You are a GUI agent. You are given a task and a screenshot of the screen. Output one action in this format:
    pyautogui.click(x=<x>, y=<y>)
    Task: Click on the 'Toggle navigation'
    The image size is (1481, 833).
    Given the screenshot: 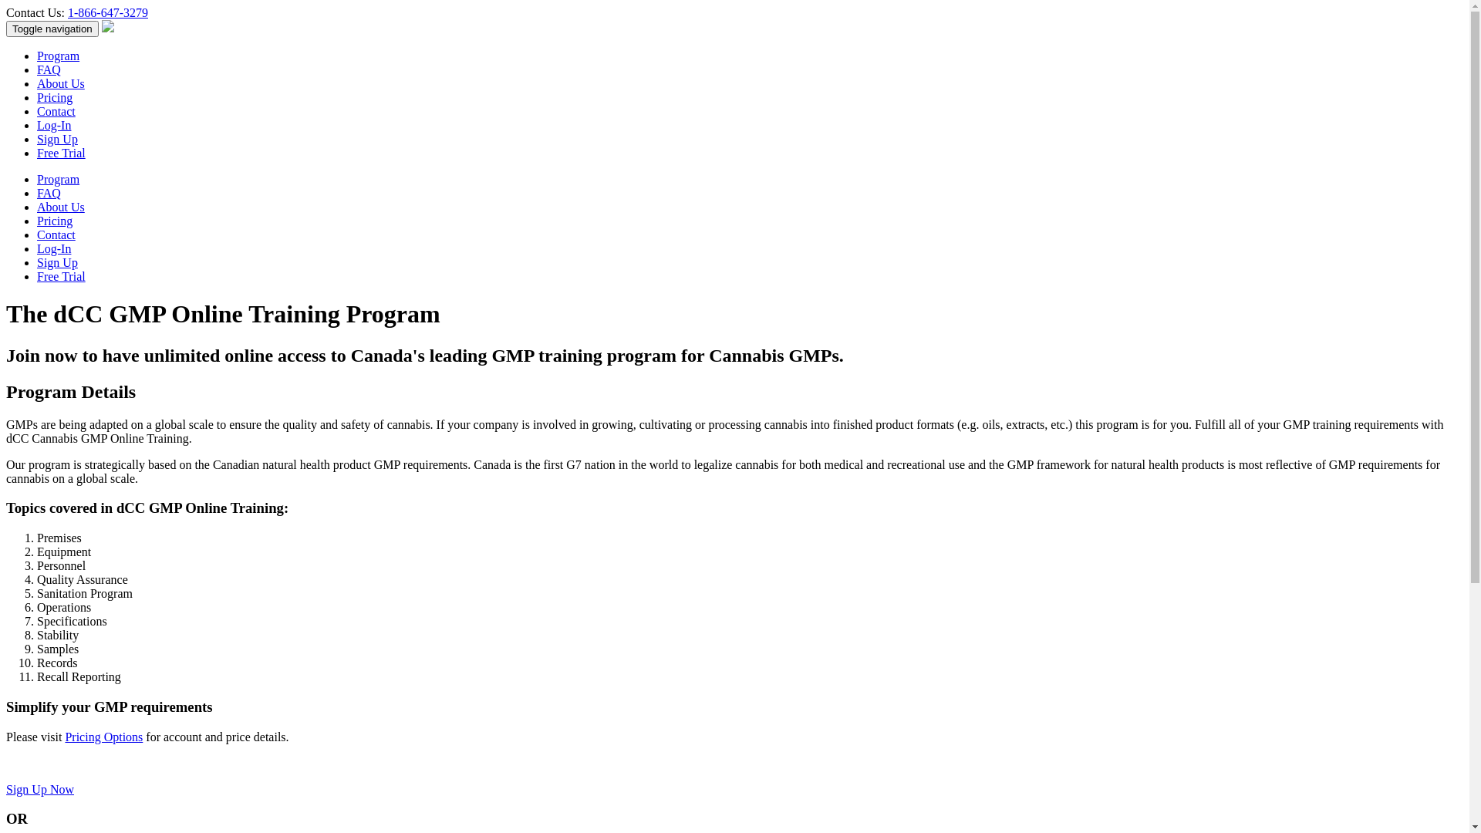 What is the action you would take?
    pyautogui.click(x=52, y=29)
    